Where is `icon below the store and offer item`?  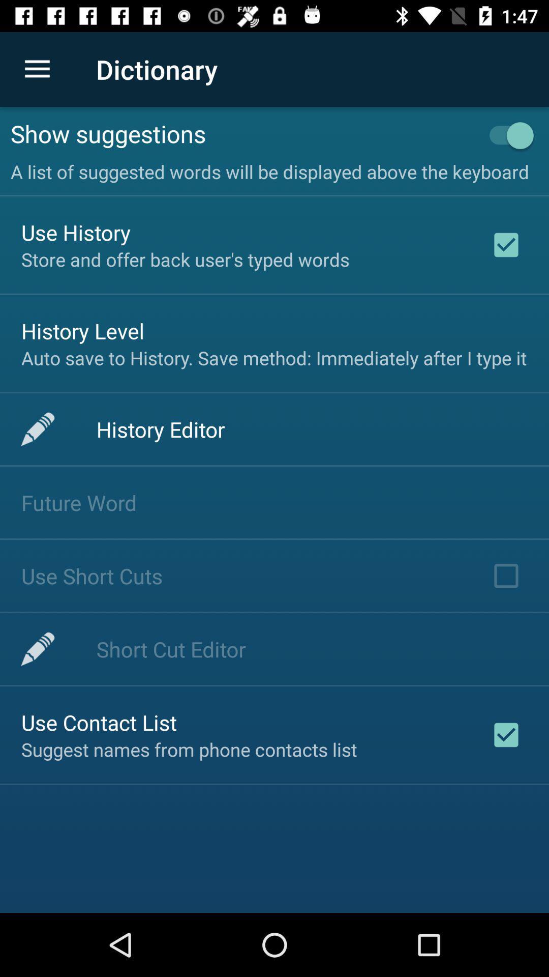
icon below the store and offer item is located at coordinates (82, 331).